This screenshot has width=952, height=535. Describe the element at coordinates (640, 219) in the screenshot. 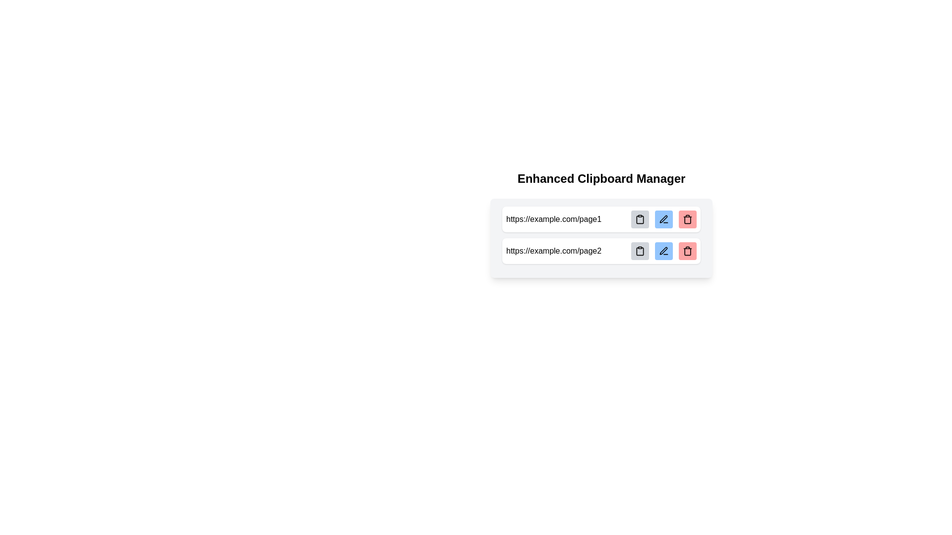

I see `the button that copies the URL or content associated with the first URL row` at that location.